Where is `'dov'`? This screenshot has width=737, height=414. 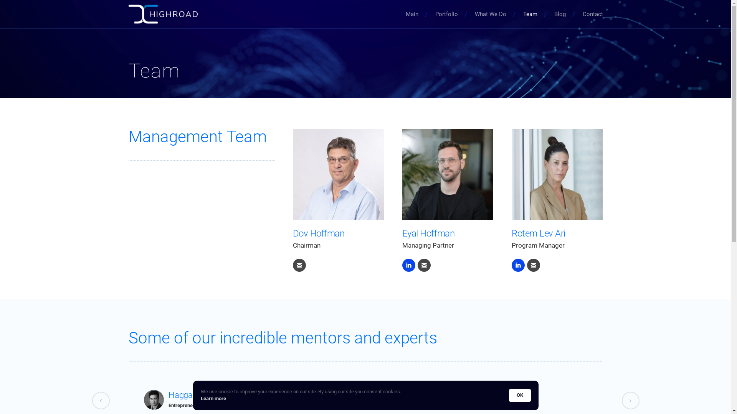
'dov' is located at coordinates (338, 174).